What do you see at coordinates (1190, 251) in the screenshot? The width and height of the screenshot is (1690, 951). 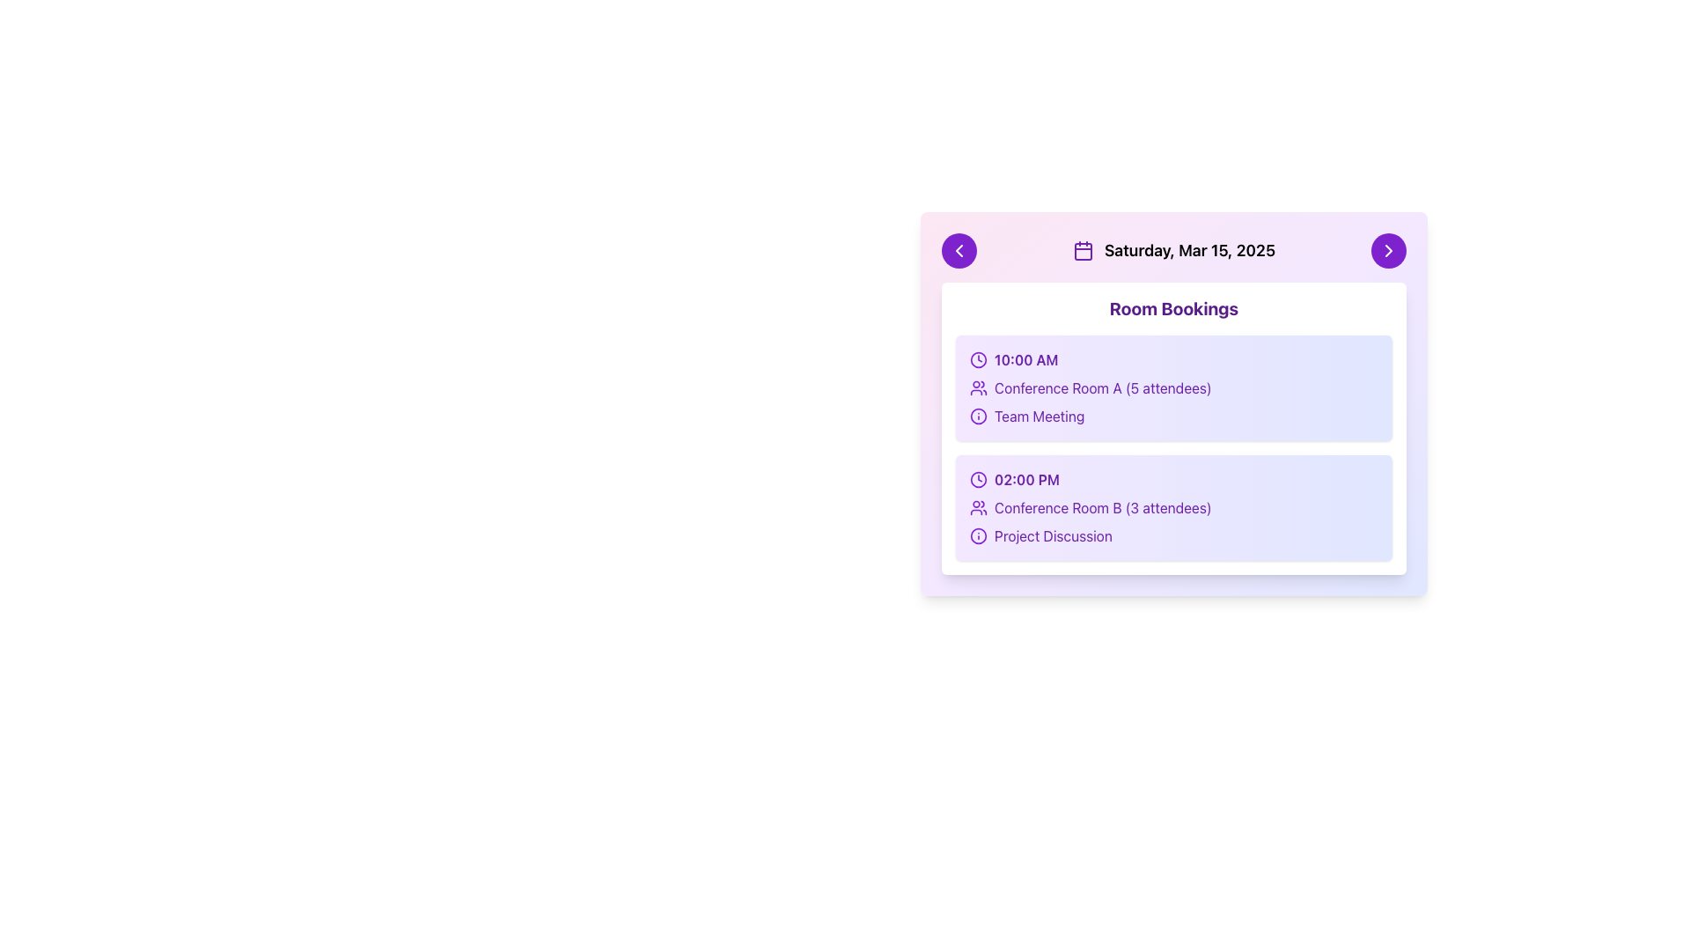 I see `the date indicator Text Label, which is positioned to the right of a calendar icon` at bounding box center [1190, 251].